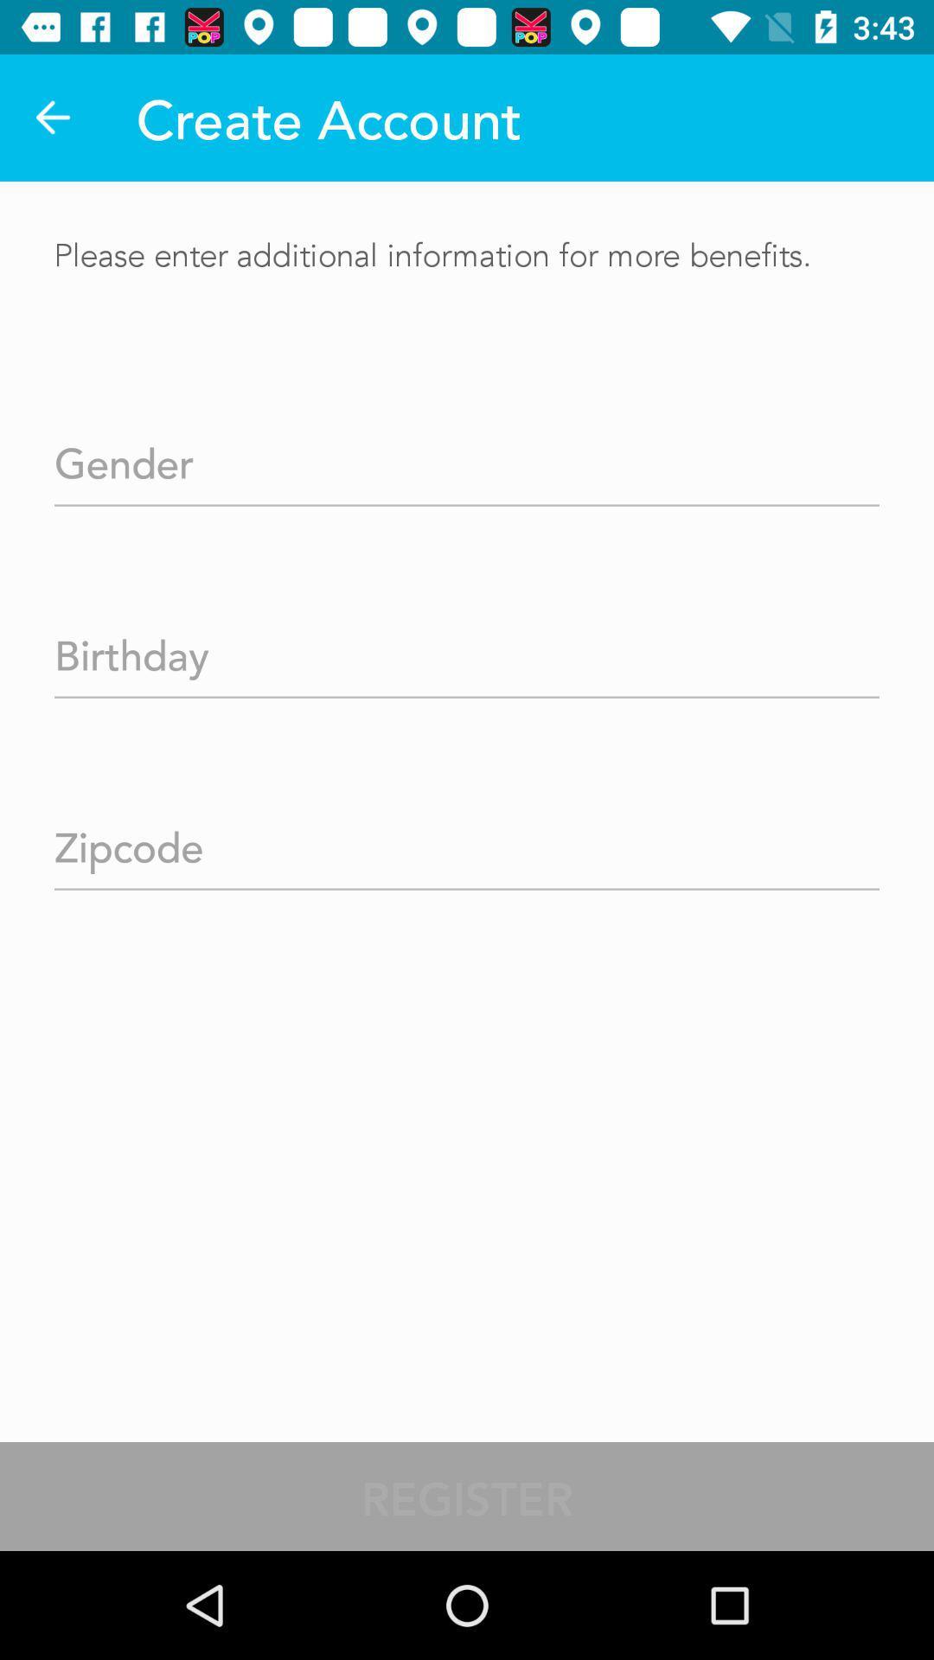 The image size is (934, 1660). Describe the element at coordinates (467, 457) in the screenshot. I see `gender` at that location.